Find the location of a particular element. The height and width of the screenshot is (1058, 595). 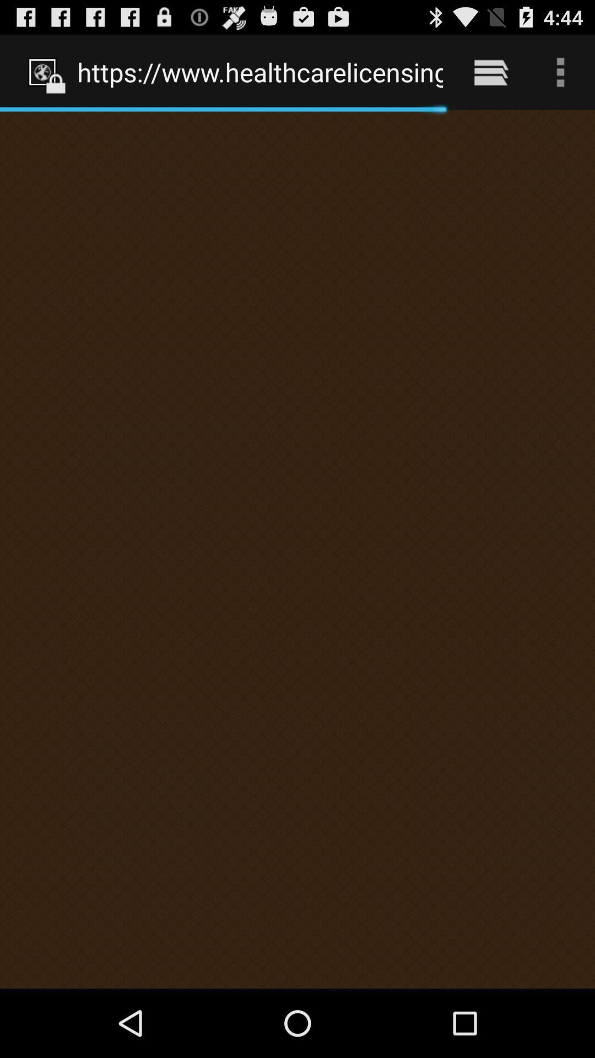

the item next to the https www healthcarelicensing icon is located at coordinates (490, 72).